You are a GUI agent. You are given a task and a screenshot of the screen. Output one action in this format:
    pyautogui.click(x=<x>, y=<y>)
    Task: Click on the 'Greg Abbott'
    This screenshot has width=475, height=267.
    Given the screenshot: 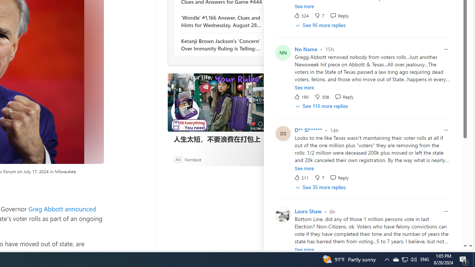 What is the action you would take?
    pyautogui.click(x=45, y=209)
    